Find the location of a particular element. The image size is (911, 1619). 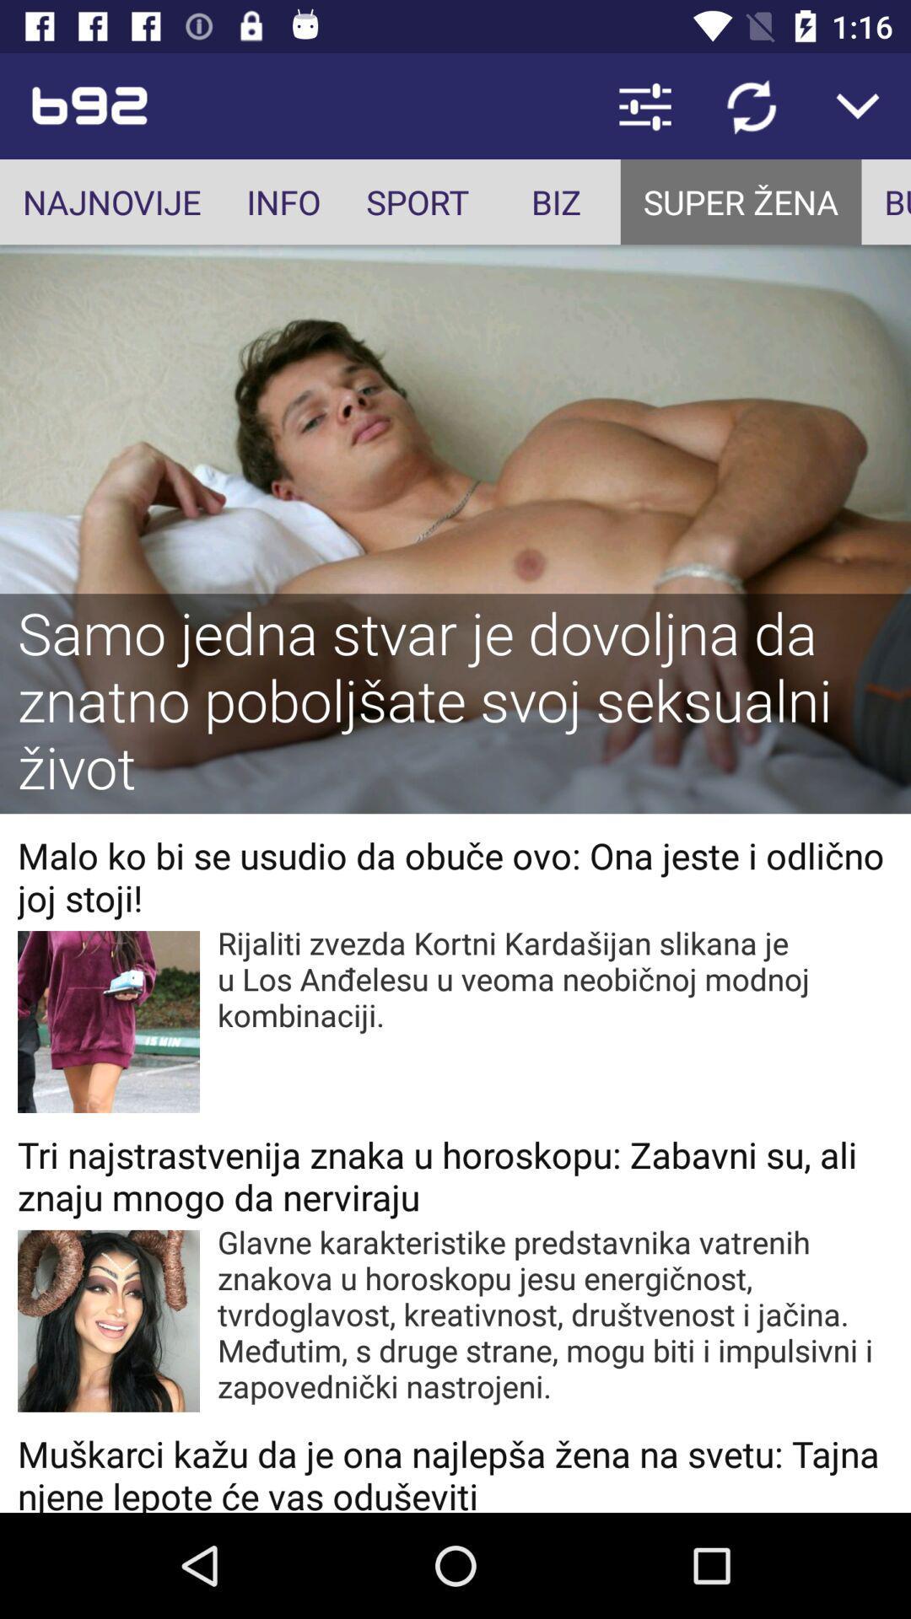

icon to the right of the   biz is located at coordinates (740, 202).